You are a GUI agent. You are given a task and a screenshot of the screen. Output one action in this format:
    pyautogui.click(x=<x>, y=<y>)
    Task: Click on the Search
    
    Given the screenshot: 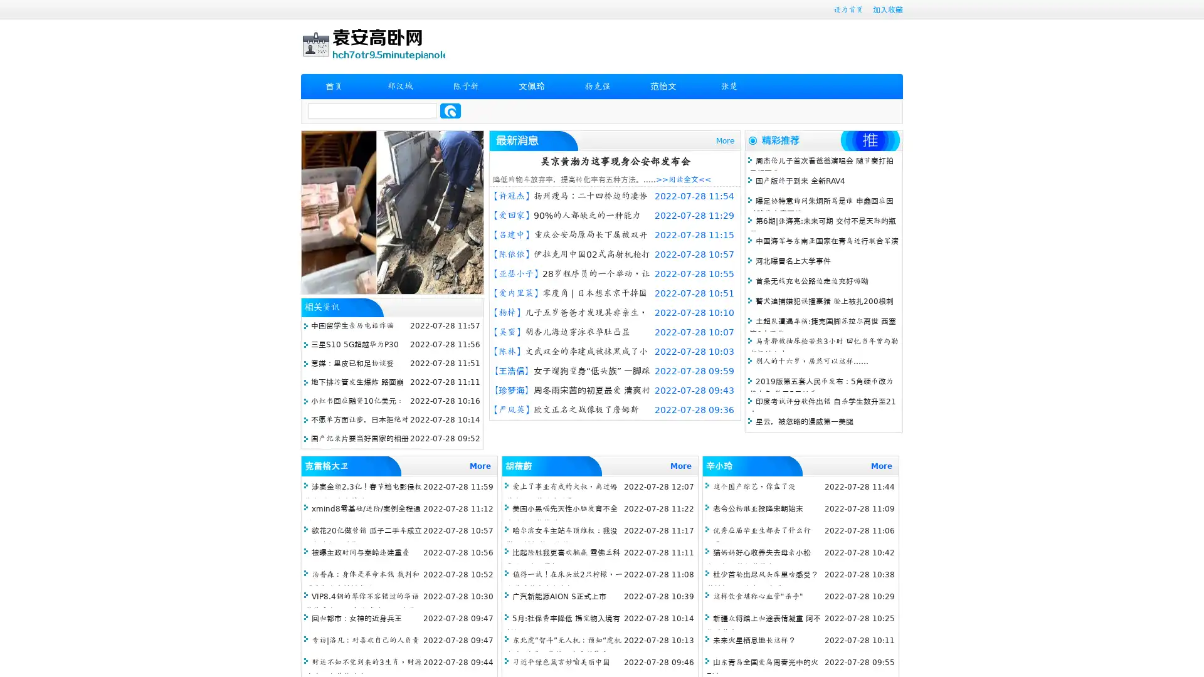 What is the action you would take?
    pyautogui.click(x=450, y=110)
    